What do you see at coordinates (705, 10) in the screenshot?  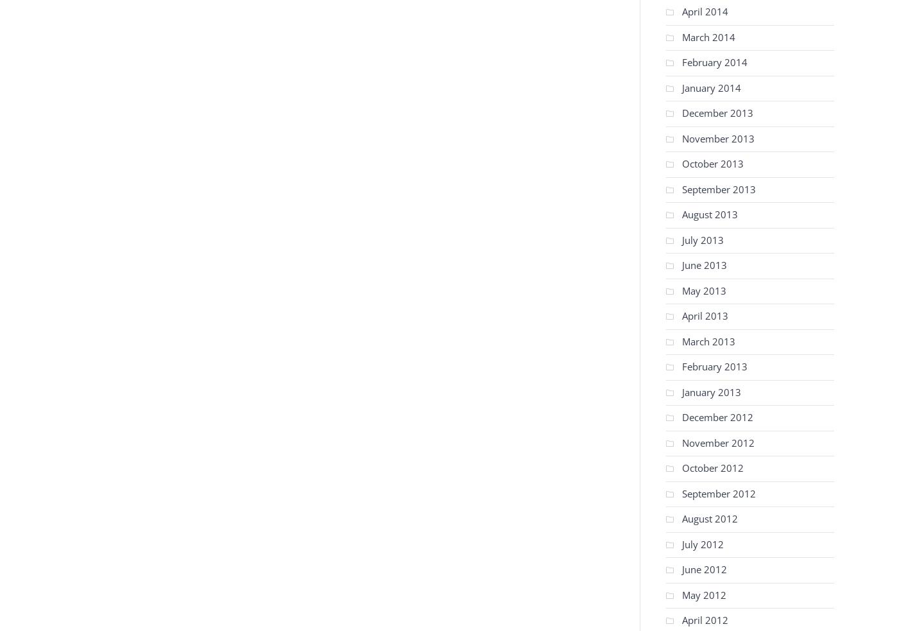 I see `'April 2014'` at bounding box center [705, 10].